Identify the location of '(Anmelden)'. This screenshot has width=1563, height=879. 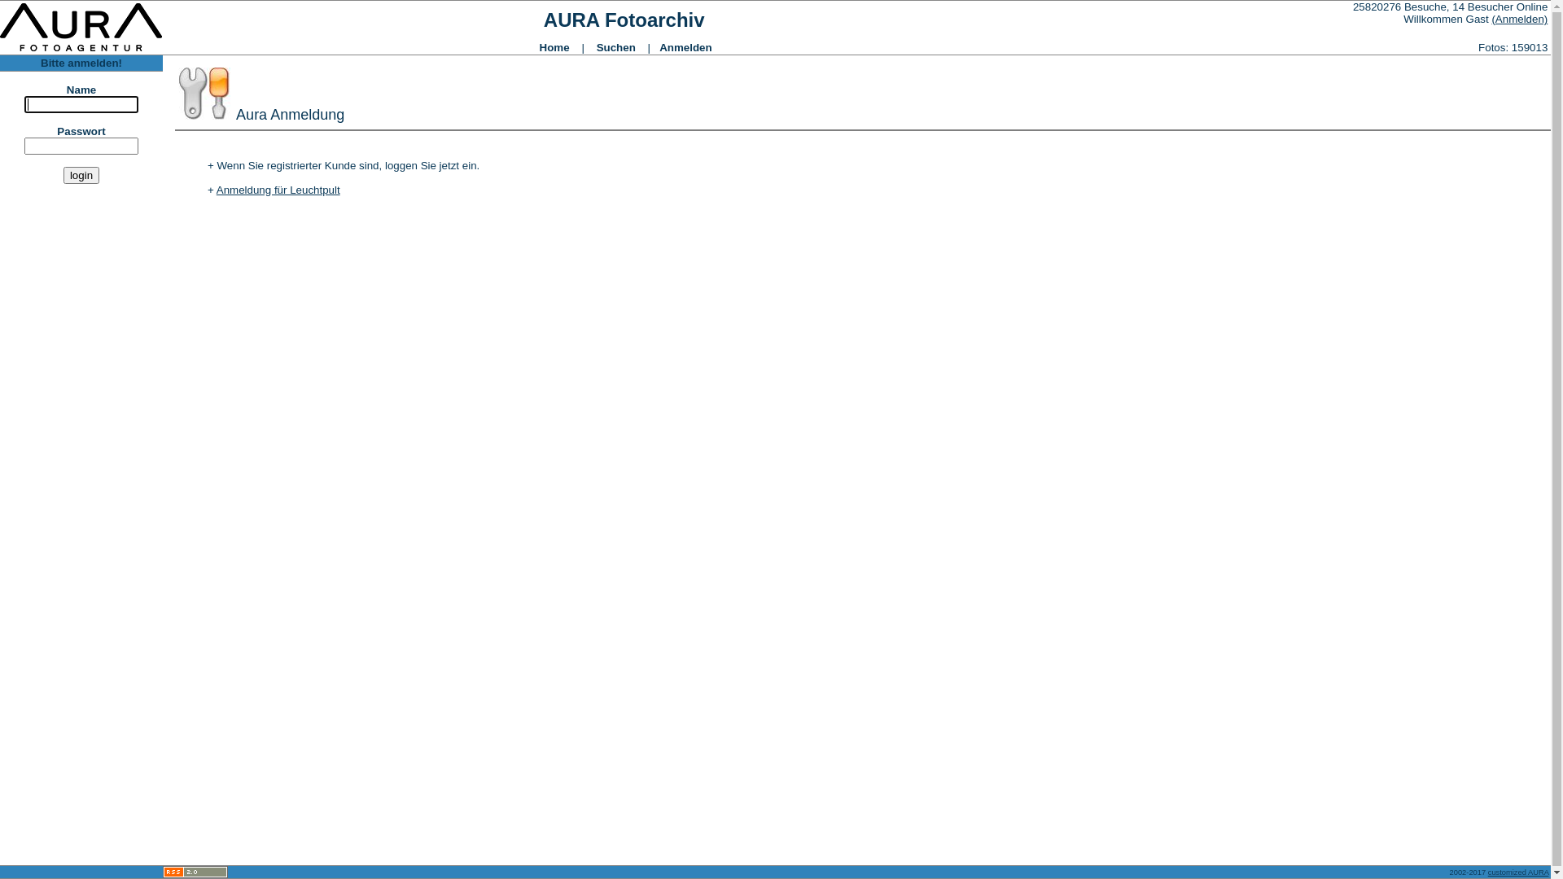
(1518, 19).